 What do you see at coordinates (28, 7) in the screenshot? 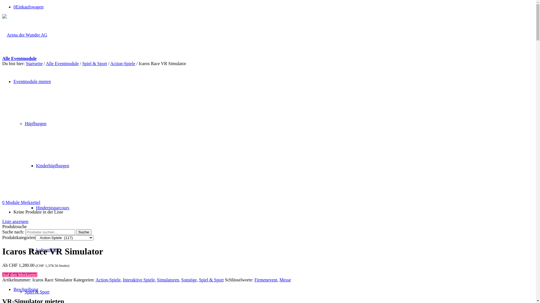
I see `'0Einkaufswagen'` at bounding box center [28, 7].